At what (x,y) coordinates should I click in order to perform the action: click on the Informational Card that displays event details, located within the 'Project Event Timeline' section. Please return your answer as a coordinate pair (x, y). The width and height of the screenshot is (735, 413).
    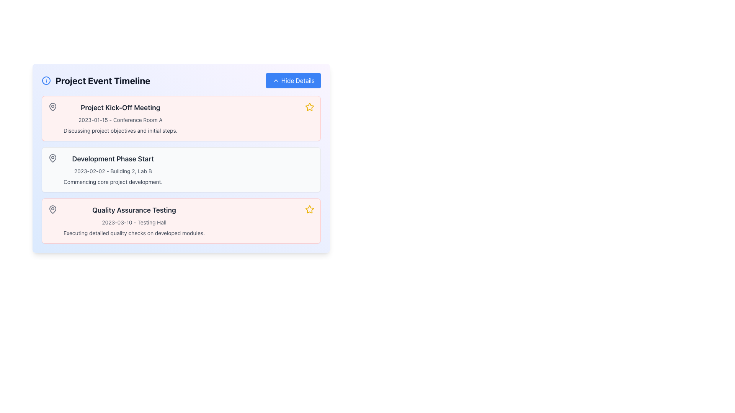
    Looking at the image, I should click on (181, 158).